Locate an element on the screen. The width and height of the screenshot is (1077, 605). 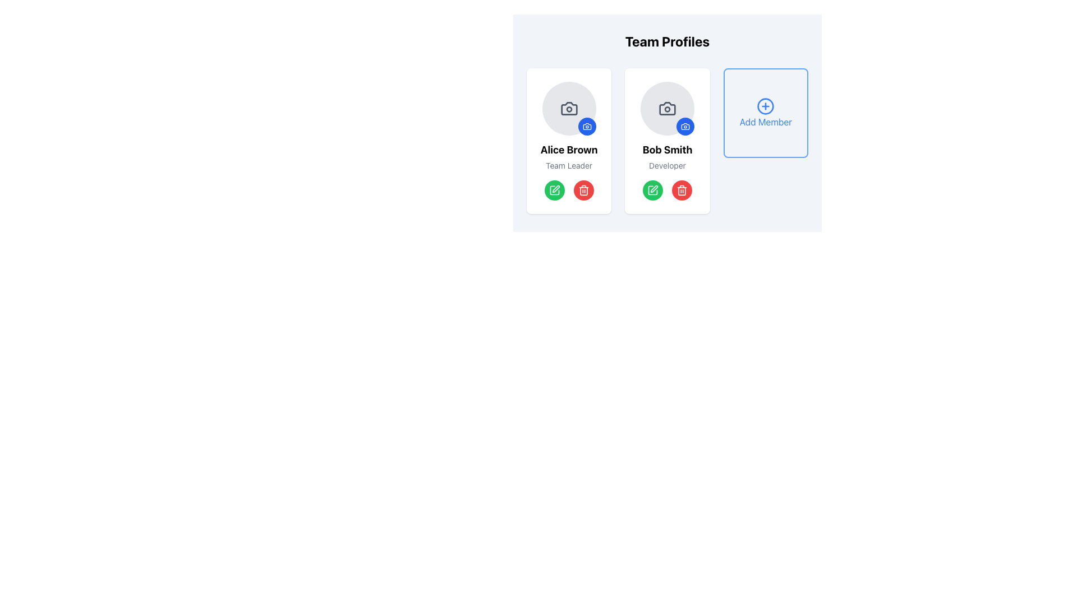
the 'Team Leader' text label displayed in gray font, located beneath 'Alice Brown' and above the action buttons in the profile card is located at coordinates (569, 166).